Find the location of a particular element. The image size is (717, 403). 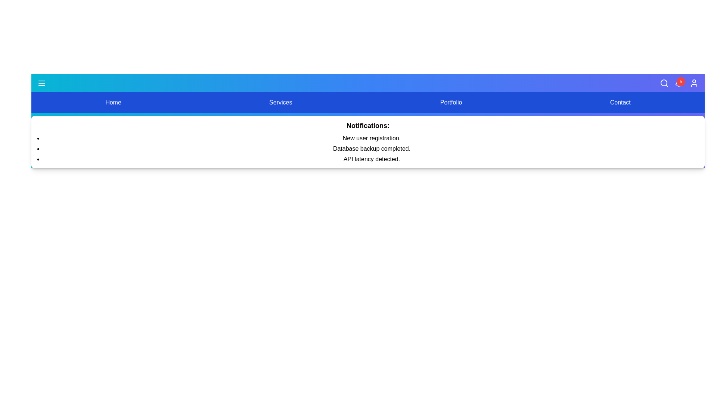

the menu option Contact by clicking on it is located at coordinates (620, 102).